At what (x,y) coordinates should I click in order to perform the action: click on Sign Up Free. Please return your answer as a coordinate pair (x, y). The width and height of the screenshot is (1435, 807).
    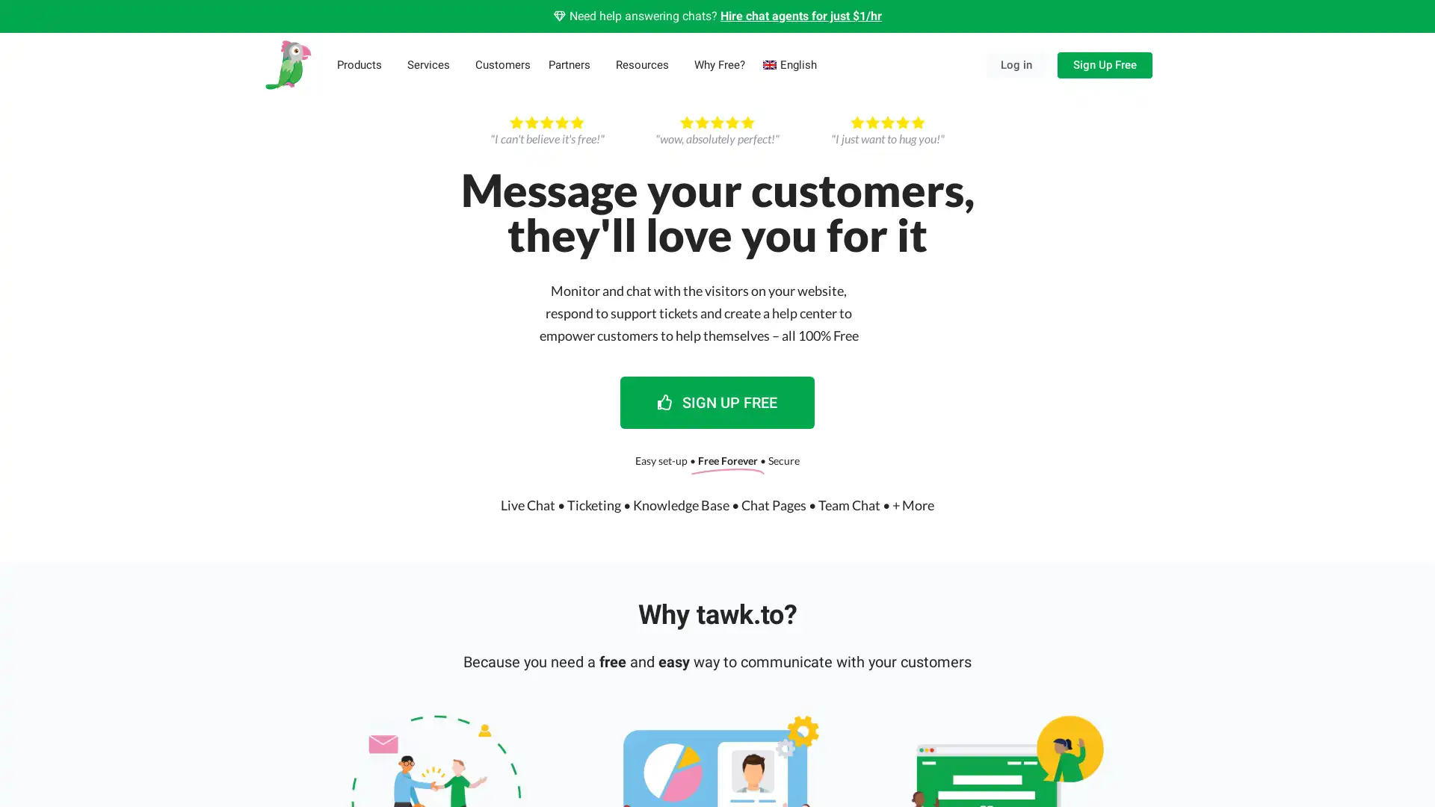
    Looking at the image, I should click on (1105, 64).